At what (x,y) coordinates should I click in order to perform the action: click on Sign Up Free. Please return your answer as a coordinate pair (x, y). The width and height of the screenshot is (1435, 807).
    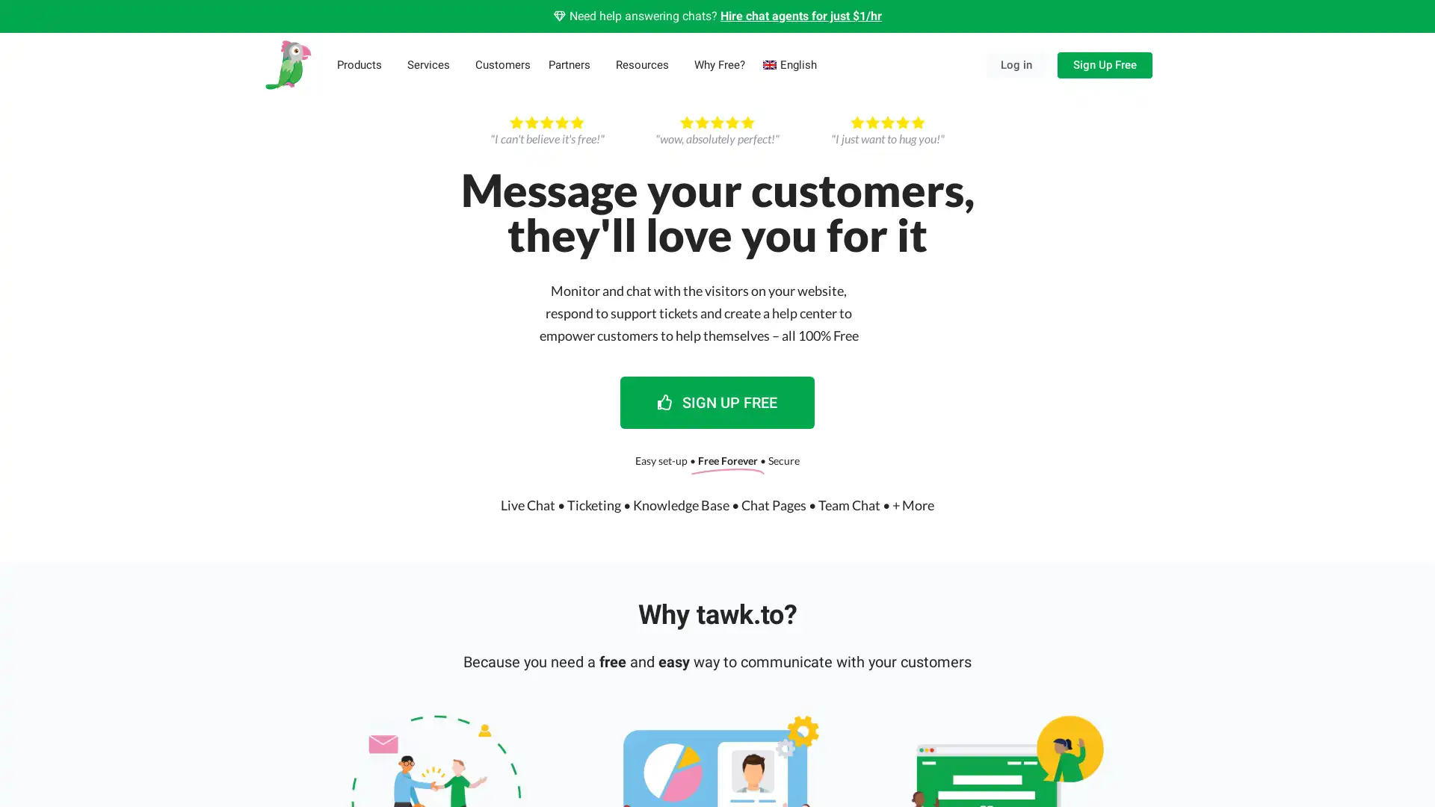
    Looking at the image, I should click on (1105, 64).